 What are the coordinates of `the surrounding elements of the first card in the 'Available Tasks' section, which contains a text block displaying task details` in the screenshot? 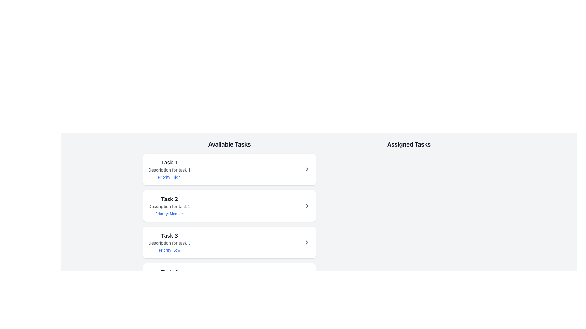 It's located at (169, 169).